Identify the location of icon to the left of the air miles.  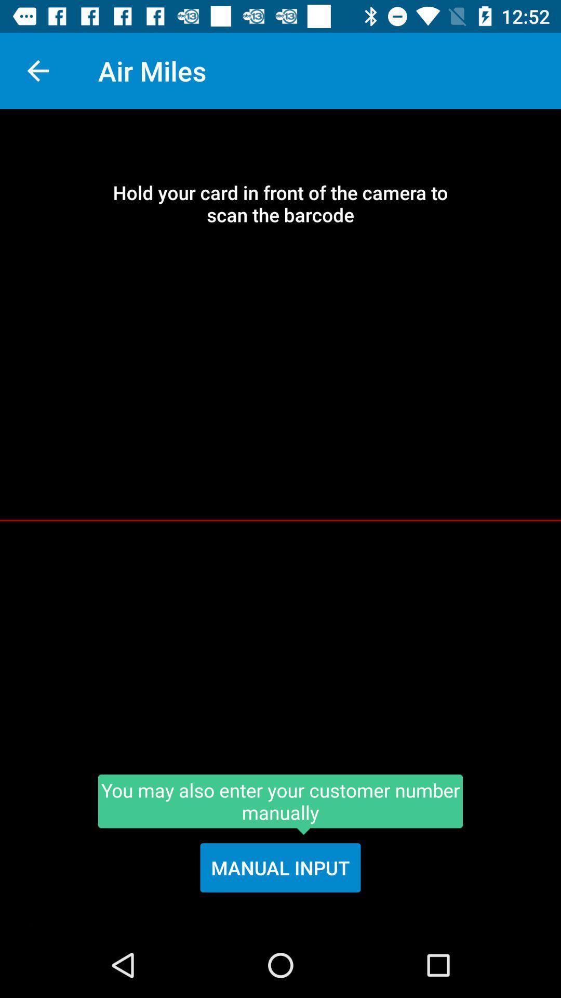
(37, 70).